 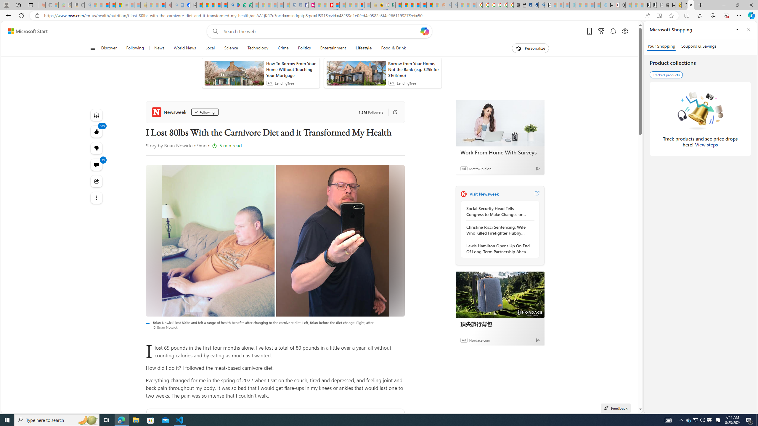 What do you see at coordinates (28, 31) in the screenshot?
I see `'Microsoft Start'` at bounding box center [28, 31].